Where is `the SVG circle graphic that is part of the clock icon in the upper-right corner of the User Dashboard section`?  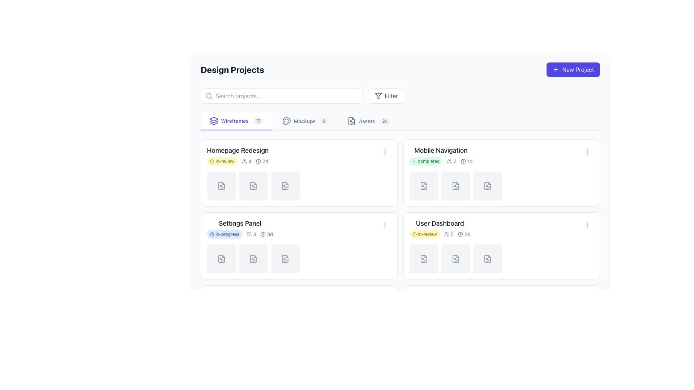 the SVG circle graphic that is part of the clock icon in the upper-right corner of the User Dashboard section is located at coordinates (460, 234).